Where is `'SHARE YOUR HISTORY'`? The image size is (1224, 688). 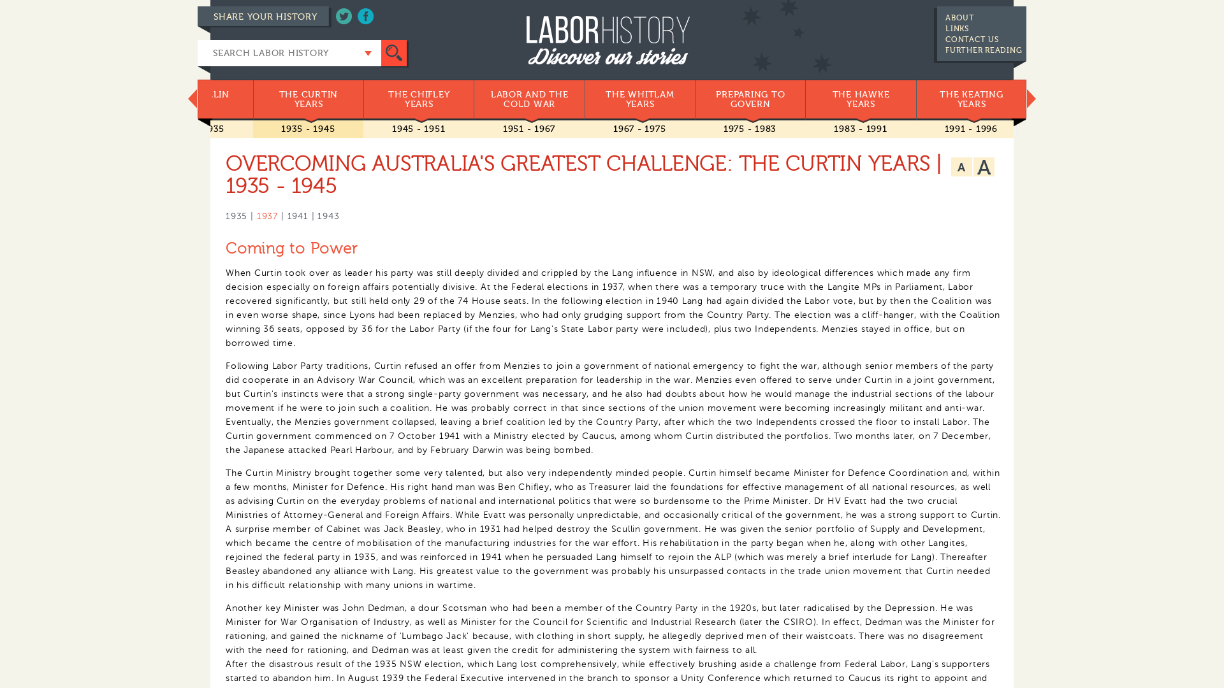 'SHARE YOUR HISTORY' is located at coordinates (197, 16).